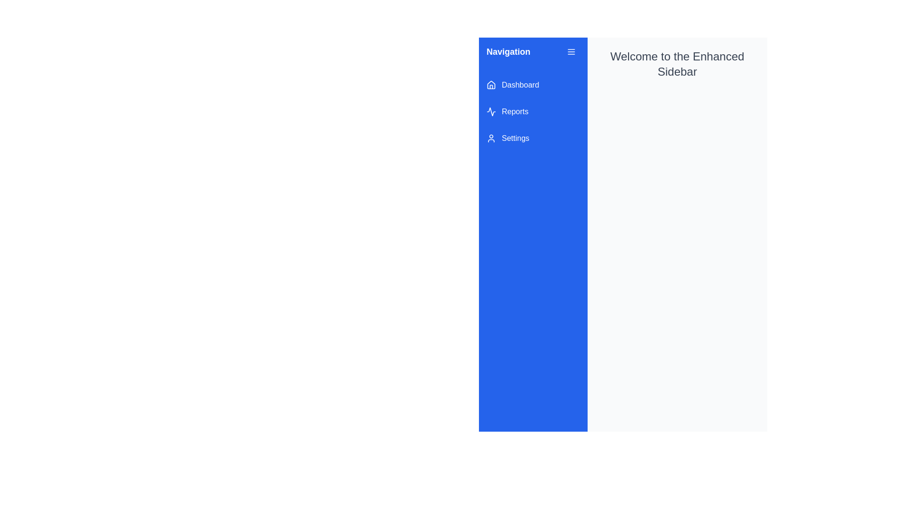 This screenshot has height=514, width=915. Describe the element at coordinates (514, 111) in the screenshot. I see `the 'Reports' text label in the vertical navigation menu` at that location.